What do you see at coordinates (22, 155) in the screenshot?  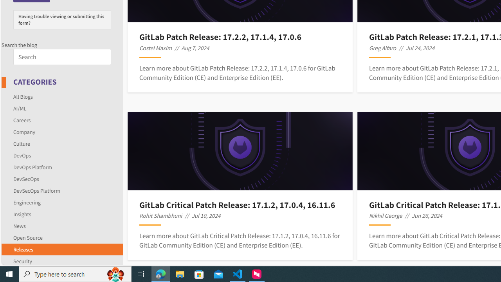 I see `'DevOps'` at bounding box center [22, 155].